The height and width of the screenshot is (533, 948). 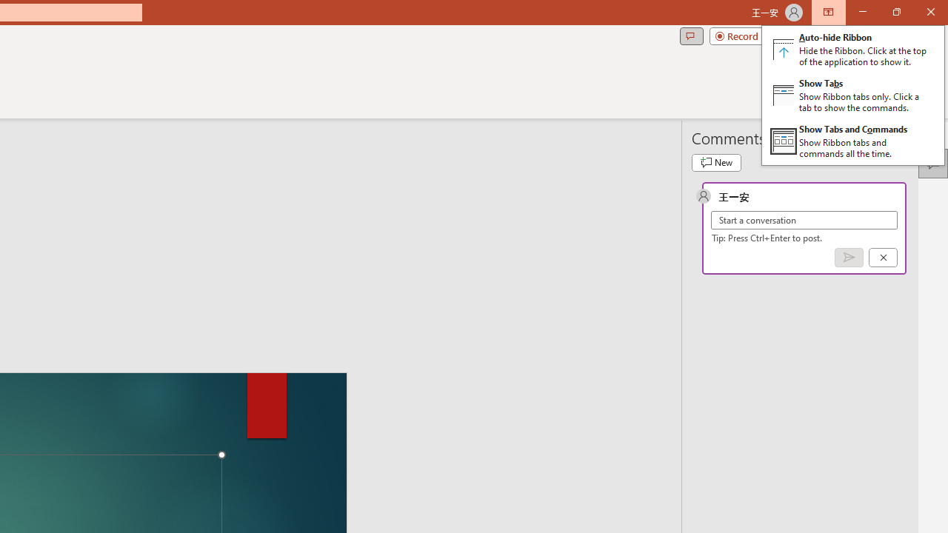 What do you see at coordinates (883, 256) in the screenshot?
I see `'Cancel'` at bounding box center [883, 256].